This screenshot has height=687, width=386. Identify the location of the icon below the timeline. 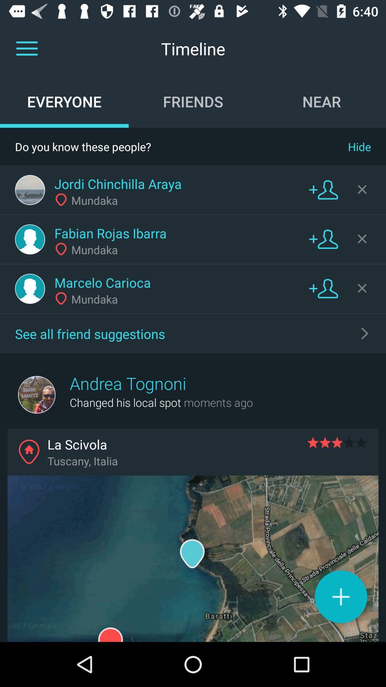
(321, 101).